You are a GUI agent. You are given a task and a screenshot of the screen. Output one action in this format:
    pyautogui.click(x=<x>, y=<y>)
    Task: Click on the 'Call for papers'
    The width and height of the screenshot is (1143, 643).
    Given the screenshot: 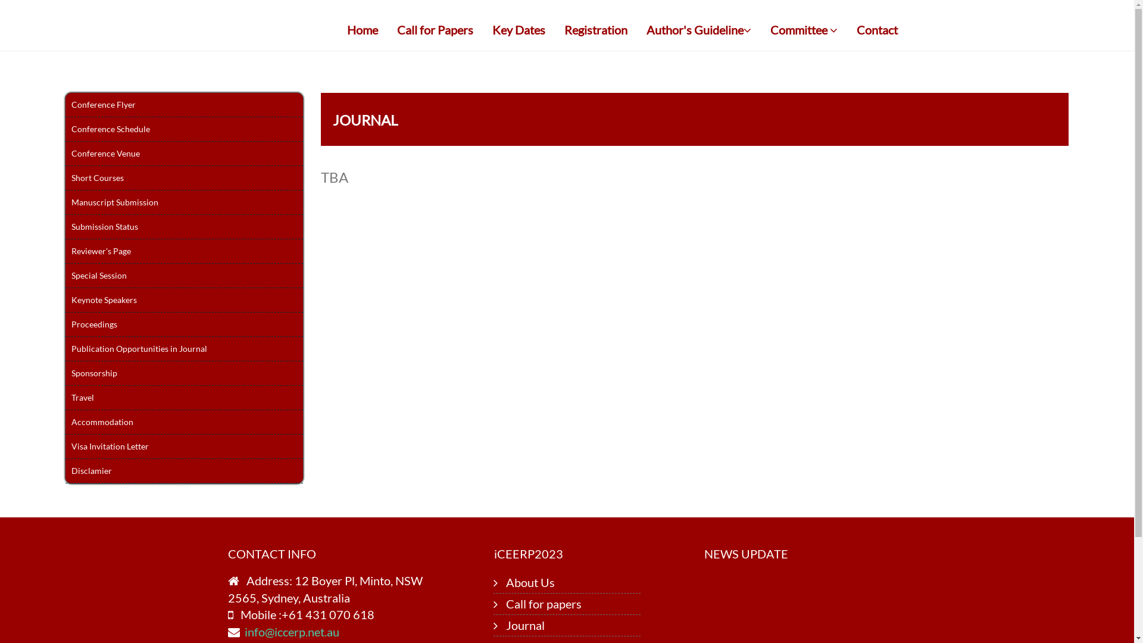 What is the action you would take?
    pyautogui.click(x=543, y=604)
    